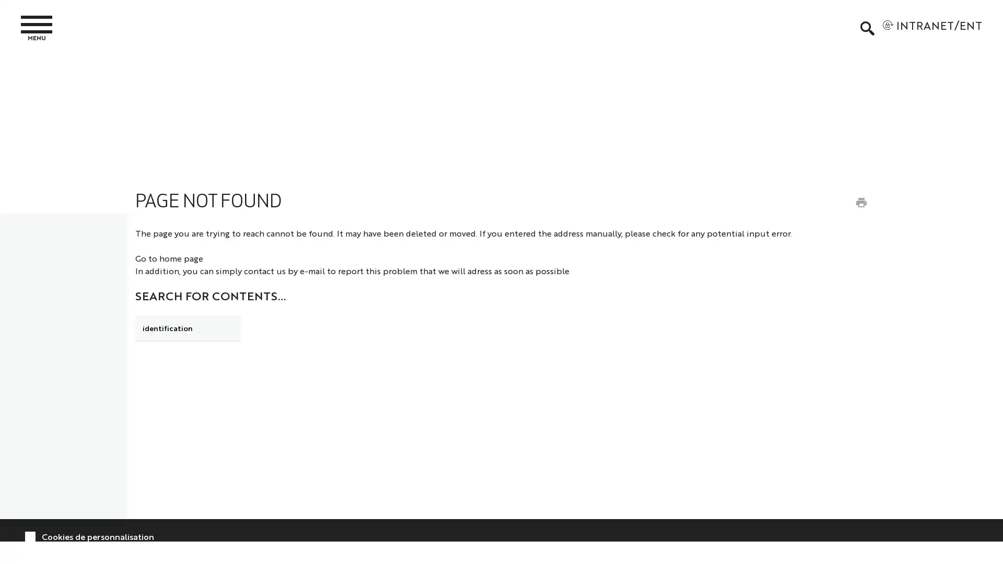 This screenshot has width=1003, height=564. Describe the element at coordinates (867, 28) in the screenshot. I see `SEARCH` at that location.